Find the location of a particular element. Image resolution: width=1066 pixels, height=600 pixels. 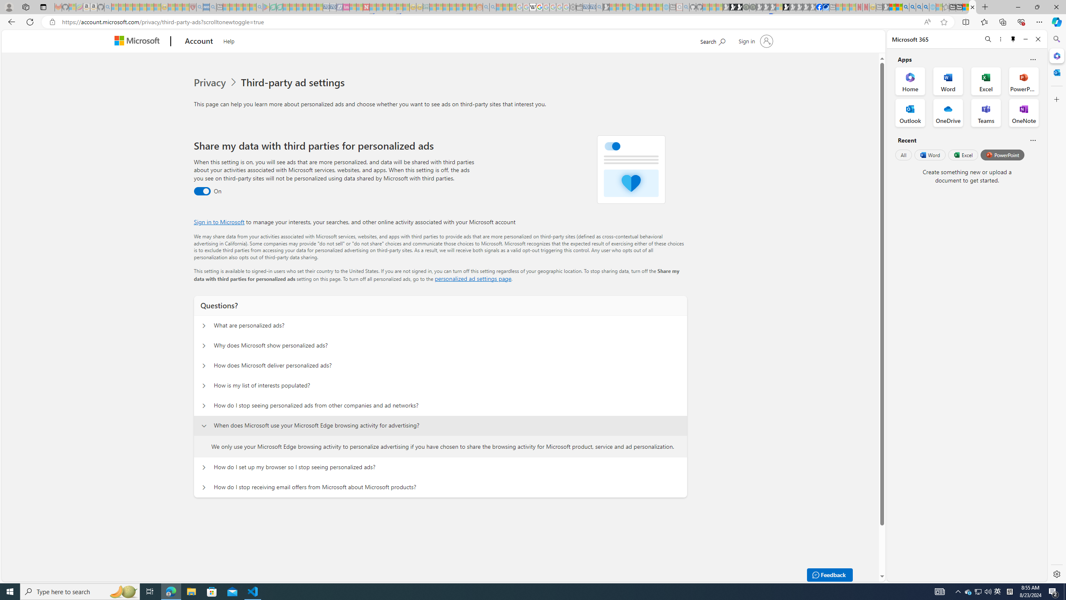

'Jobs - lastminute.com Investor Portal - Sleeping' is located at coordinates (345, 7).